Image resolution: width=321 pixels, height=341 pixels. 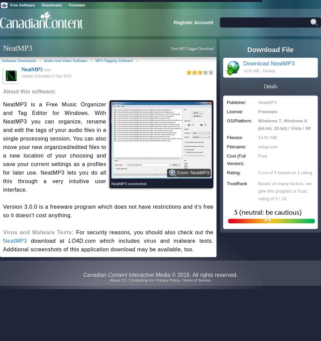 What do you see at coordinates (18, 61) in the screenshot?
I see `'Software Downloads'` at bounding box center [18, 61].